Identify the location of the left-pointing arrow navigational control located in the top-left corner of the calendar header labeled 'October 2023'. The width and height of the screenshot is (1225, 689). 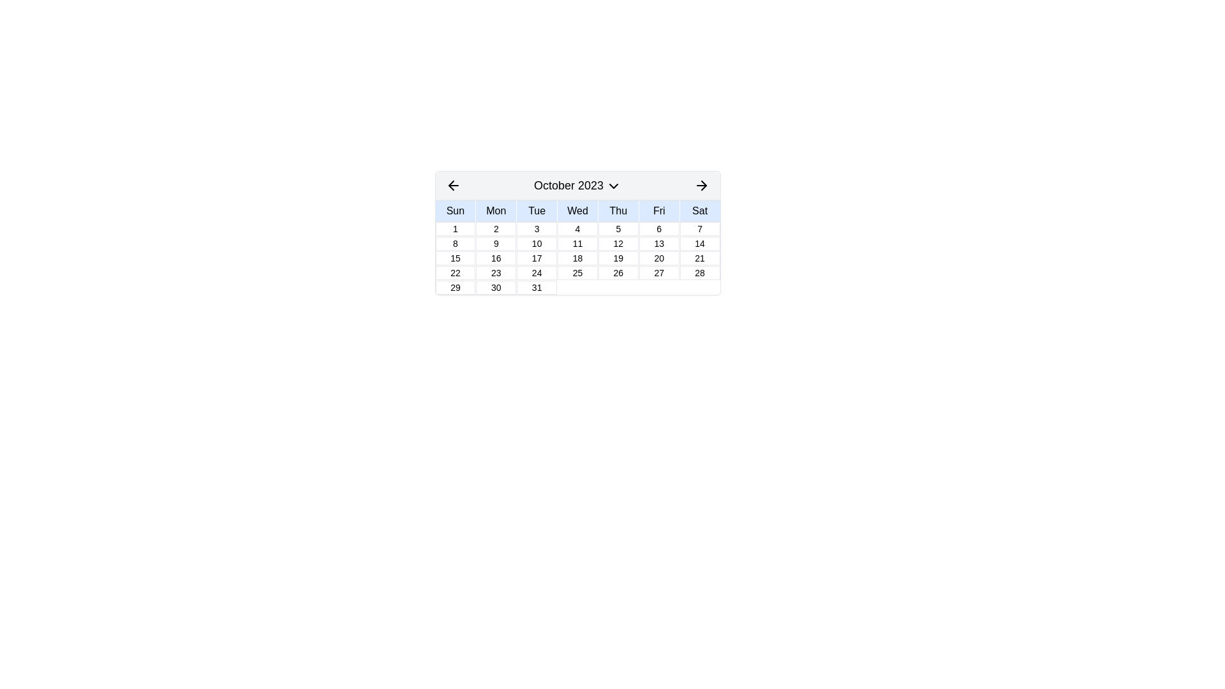
(453, 185).